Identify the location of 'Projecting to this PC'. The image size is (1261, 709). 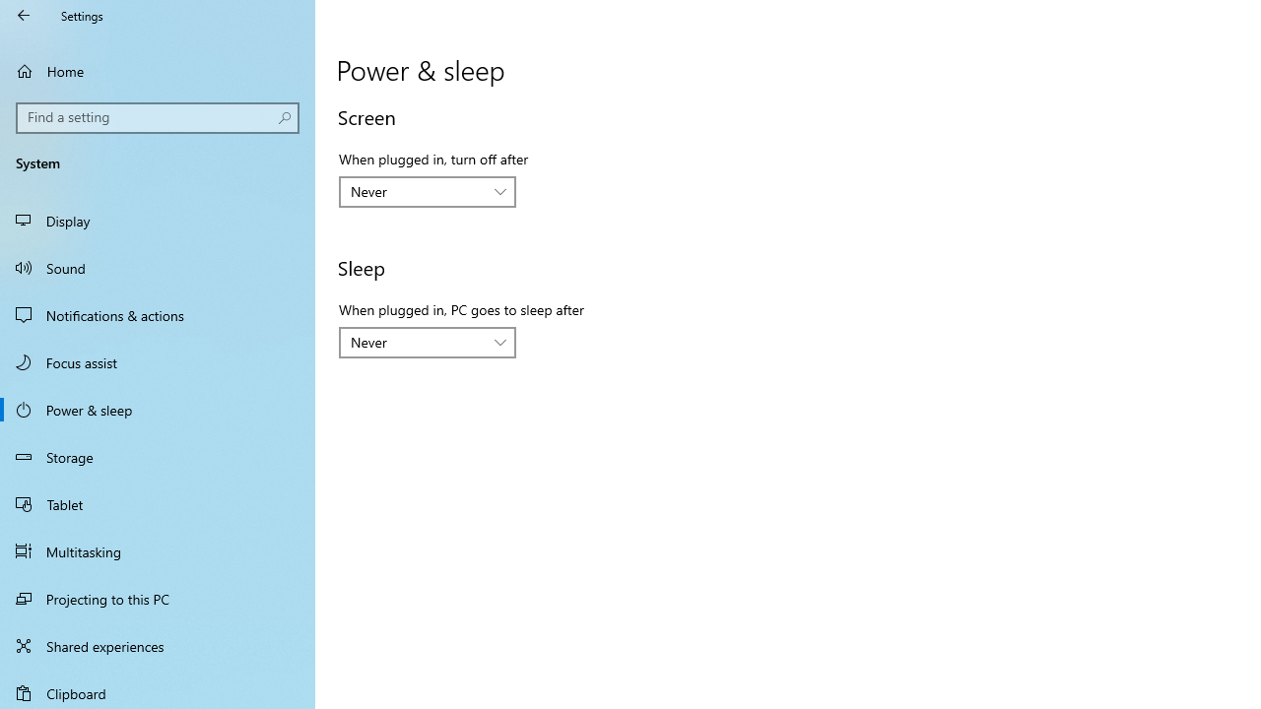
(158, 598).